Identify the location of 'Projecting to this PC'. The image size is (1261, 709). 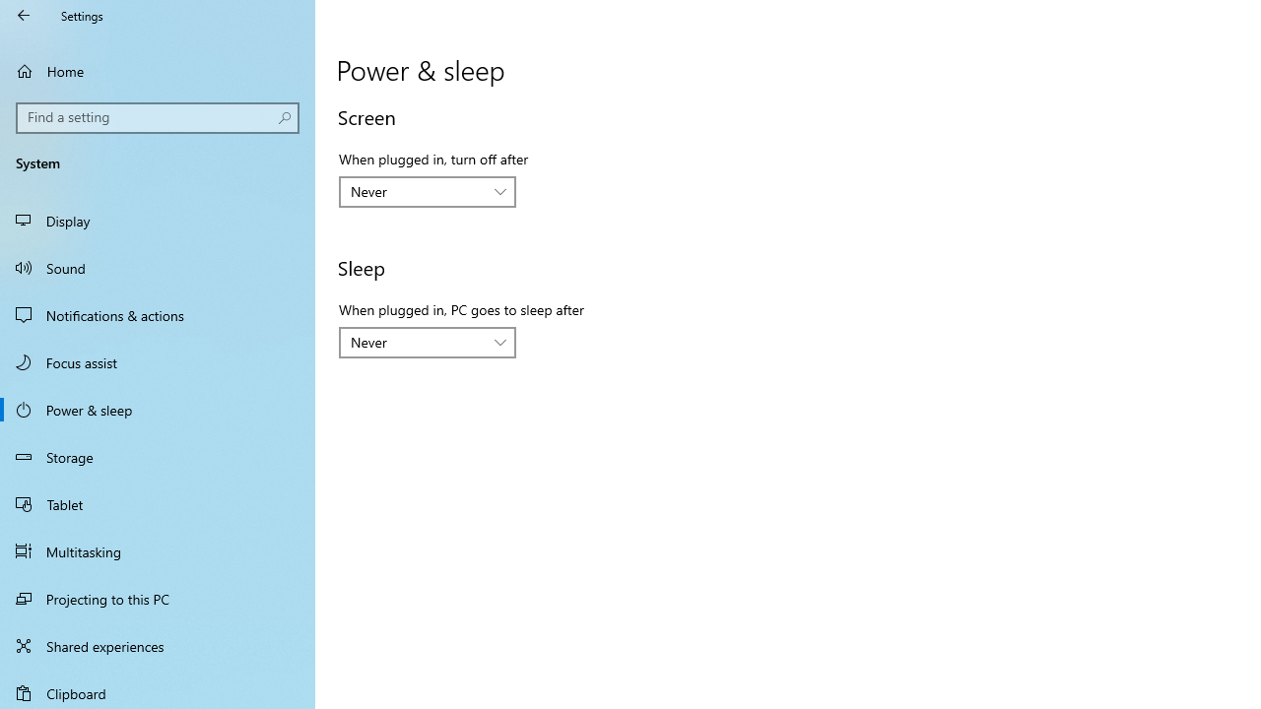
(158, 598).